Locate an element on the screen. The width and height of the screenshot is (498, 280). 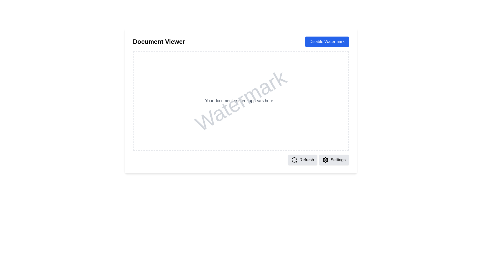
the Label element that serves as a title or header, positioned on the upper left side of the interface, above the main content area is located at coordinates (159, 41).